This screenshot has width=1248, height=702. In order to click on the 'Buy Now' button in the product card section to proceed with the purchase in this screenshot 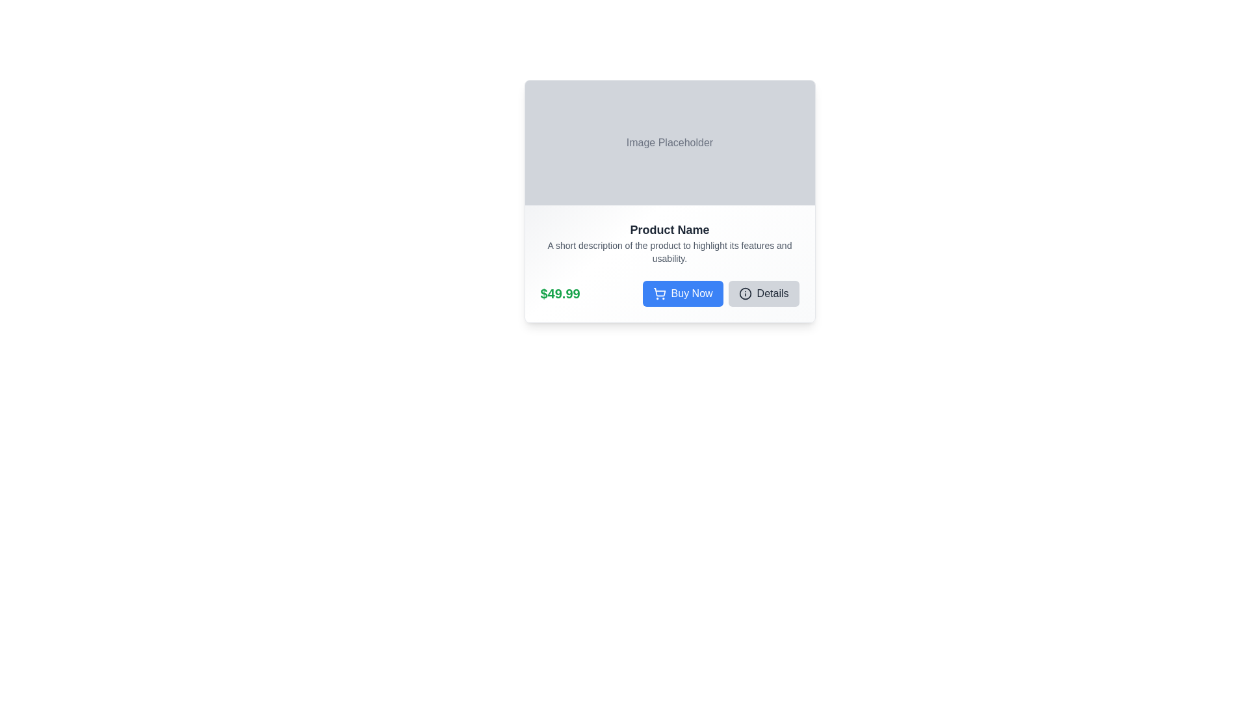, I will do `click(669, 301)`.